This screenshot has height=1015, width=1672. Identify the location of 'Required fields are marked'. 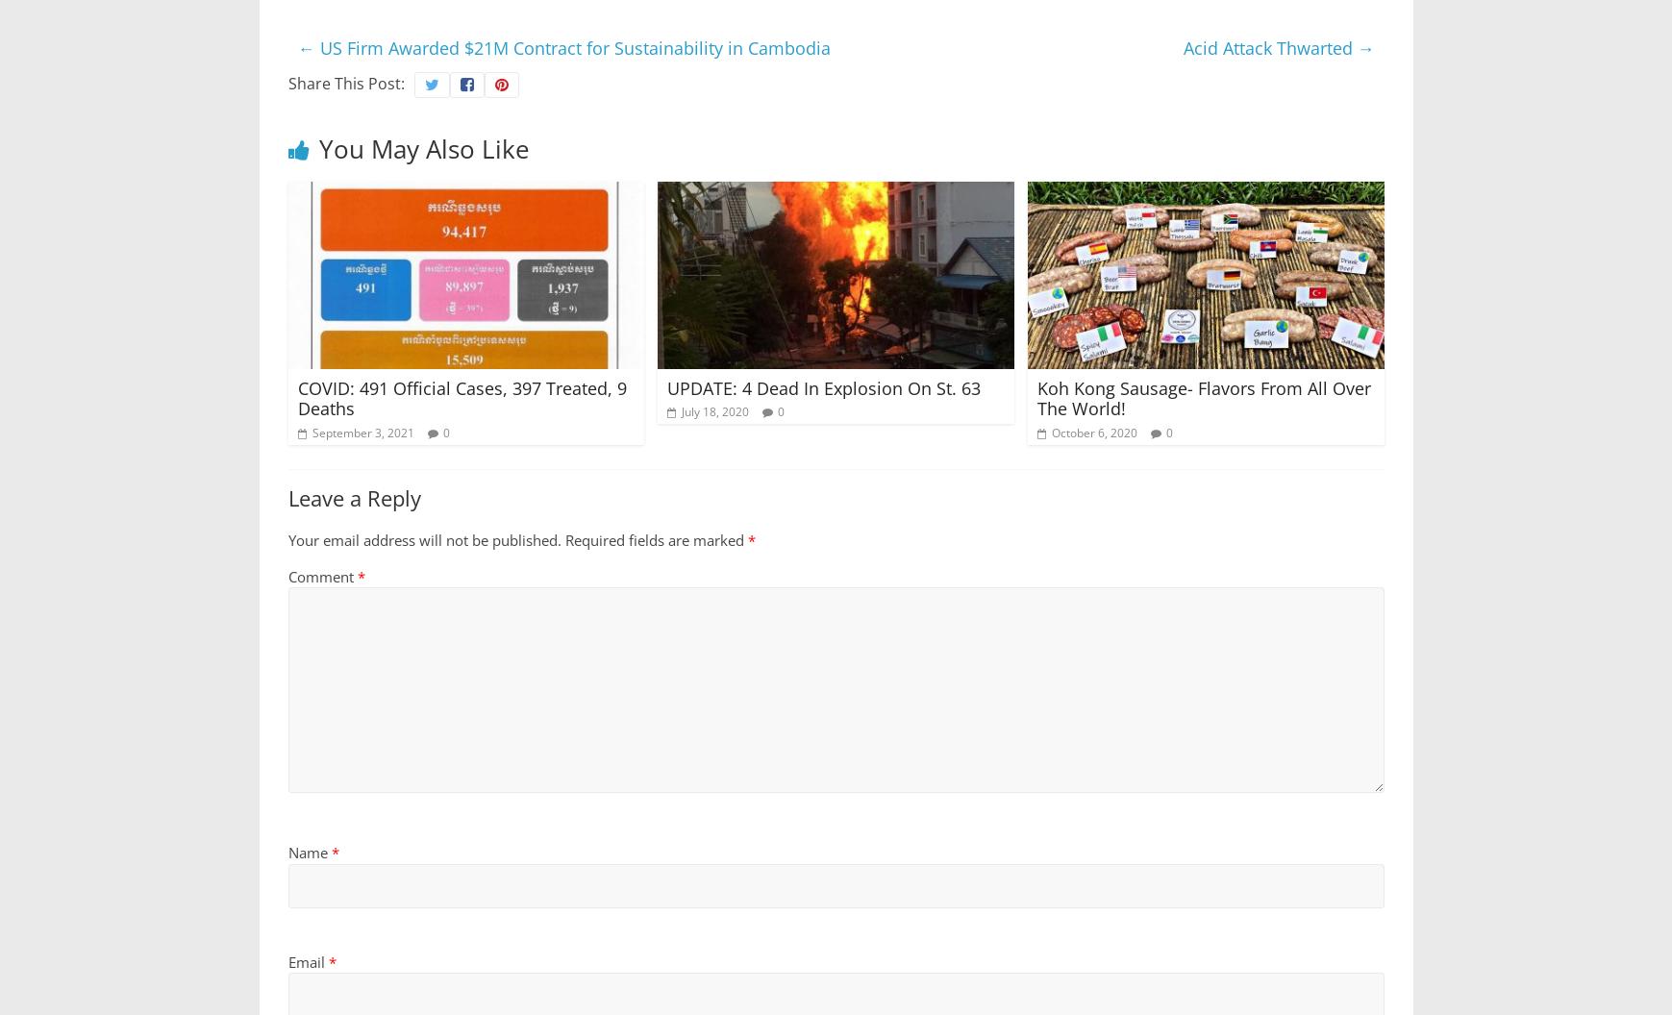
(655, 538).